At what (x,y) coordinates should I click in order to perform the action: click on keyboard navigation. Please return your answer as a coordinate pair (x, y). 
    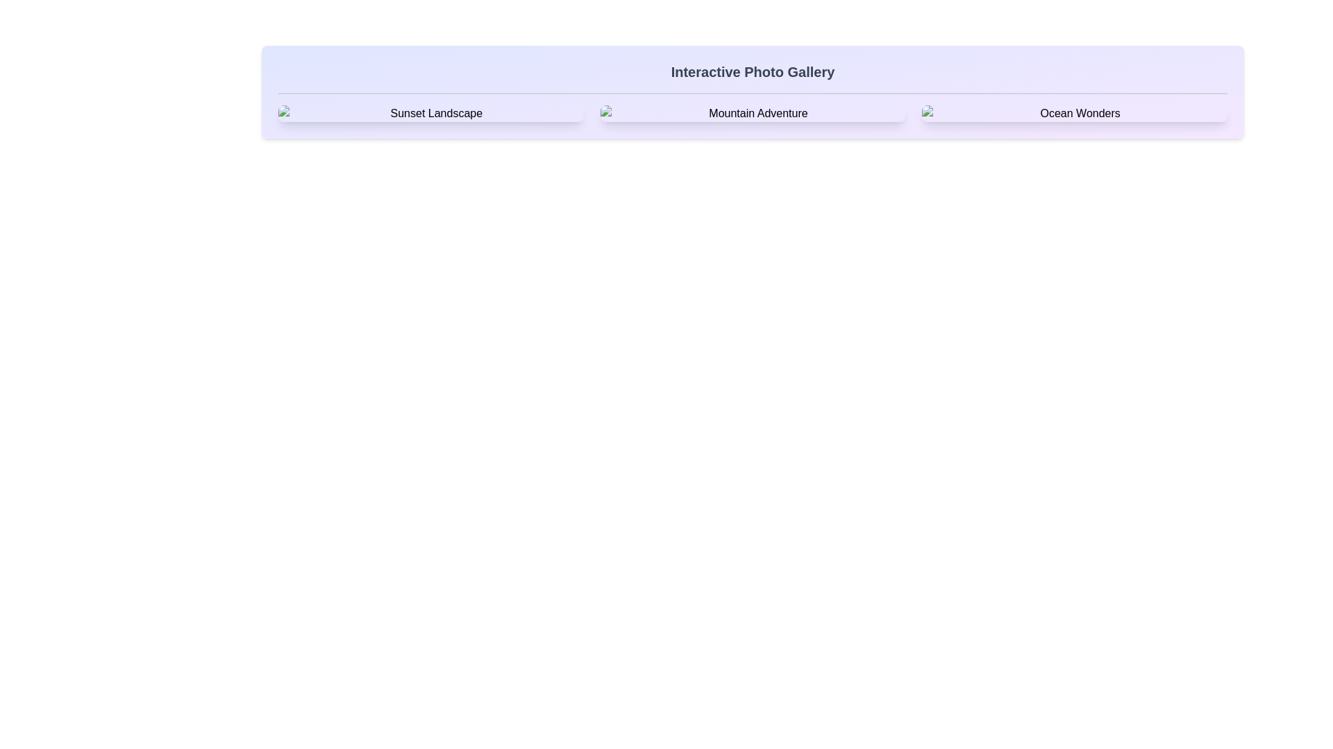
    Looking at the image, I should click on (791, 128).